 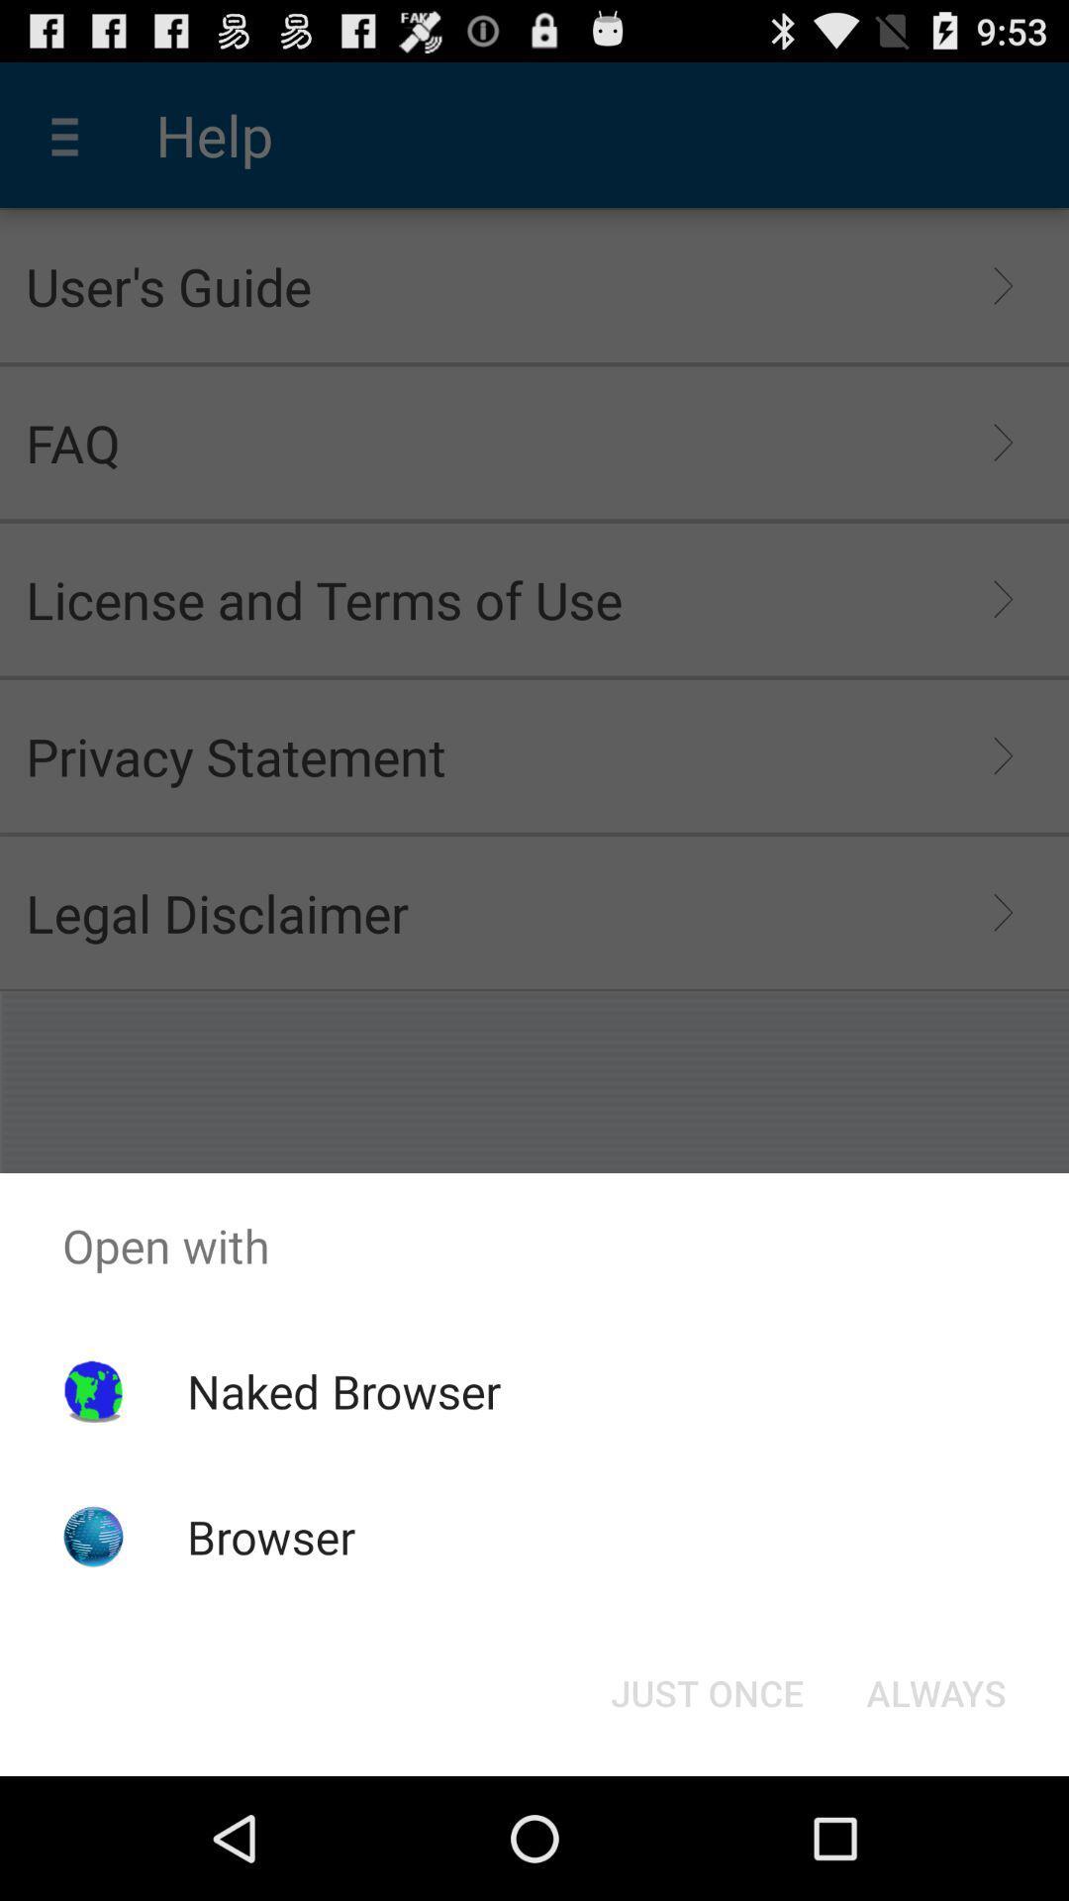 What do you see at coordinates (935, 1691) in the screenshot?
I see `the item below the open with item` at bounding box center [935, 1691].